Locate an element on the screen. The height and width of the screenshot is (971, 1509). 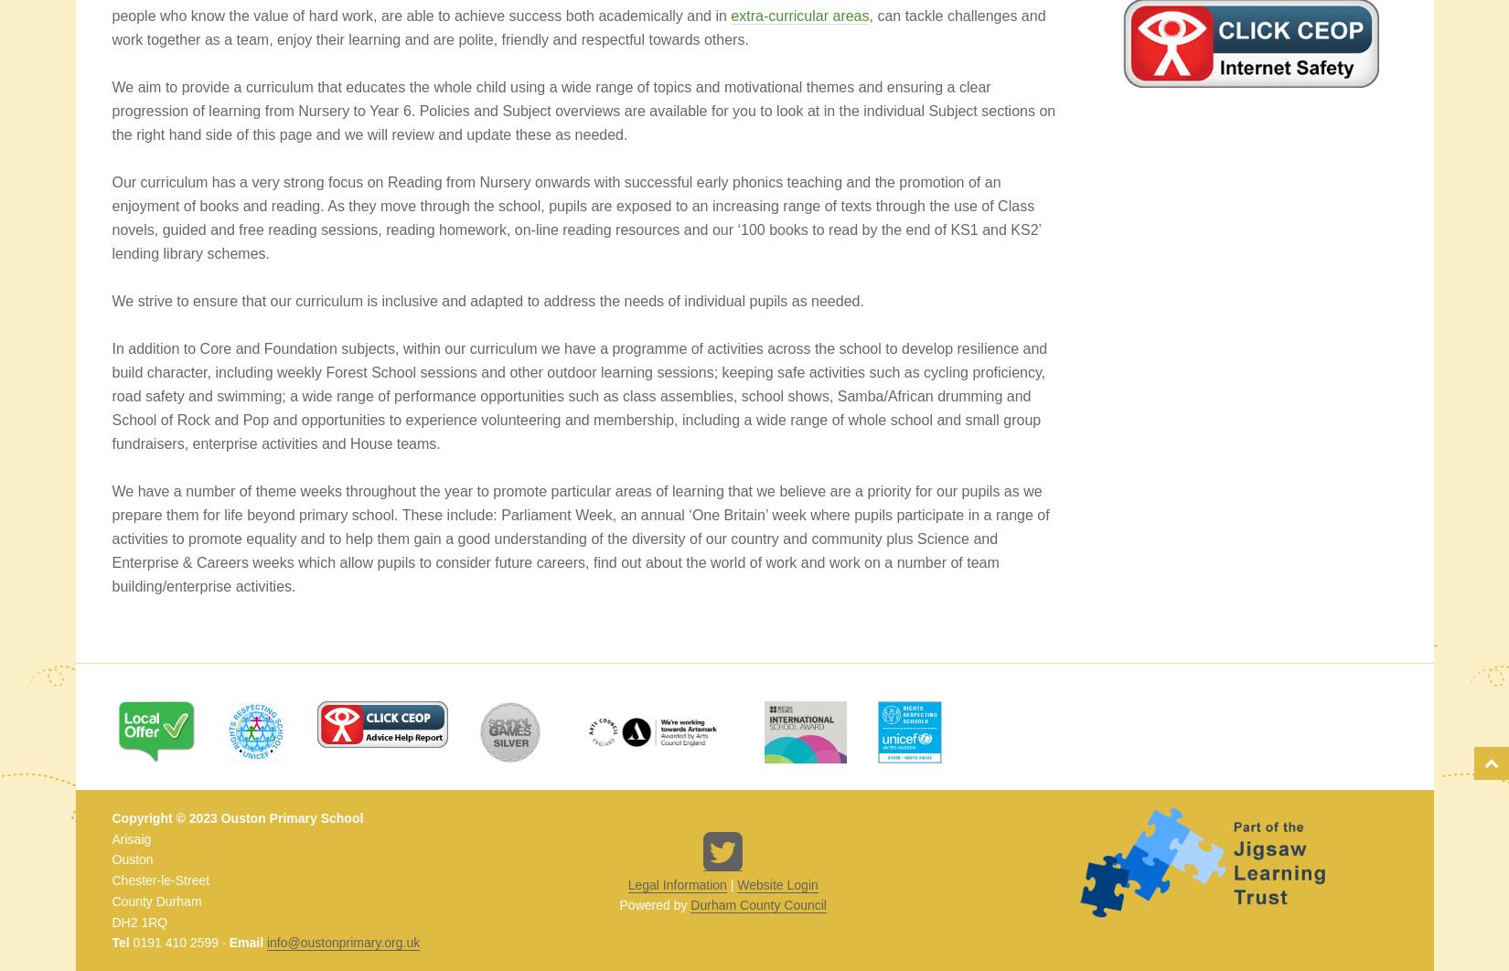
'info@oustonprimary.org.uk' is located at coordinates (343, 941).